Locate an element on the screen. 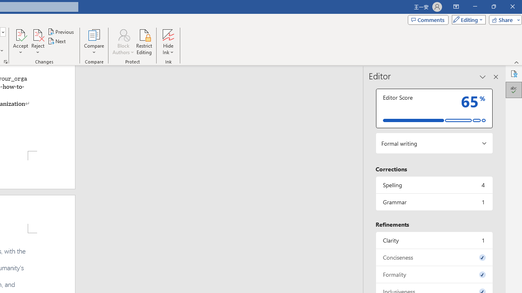  'Change Tracking Options...' is located at coordinates (6, 61).